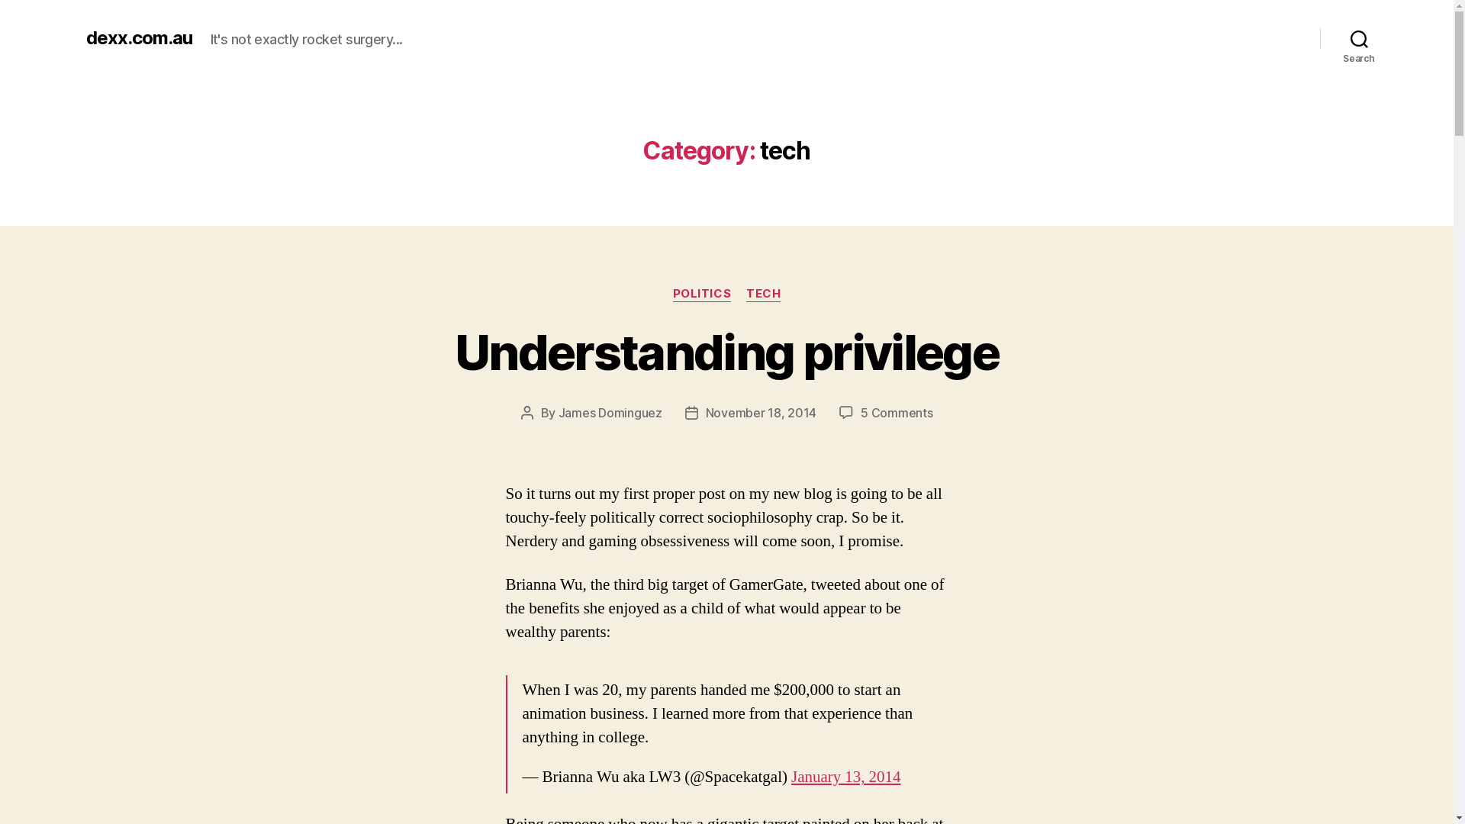 The image size is (1465, 824). What do you see at coordinates (1318, 37) in the screenshot?
I see `'Search'` at bounding box center [1318, 37].